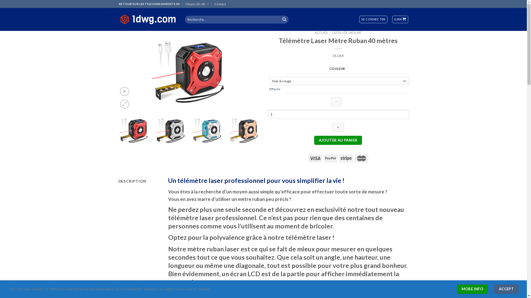 The height and width of the screenshot is (298, 531). What do you see at coordinates (220, 4) in the screenshot?
I see `'Contact'` at bounding box center [220, 4].